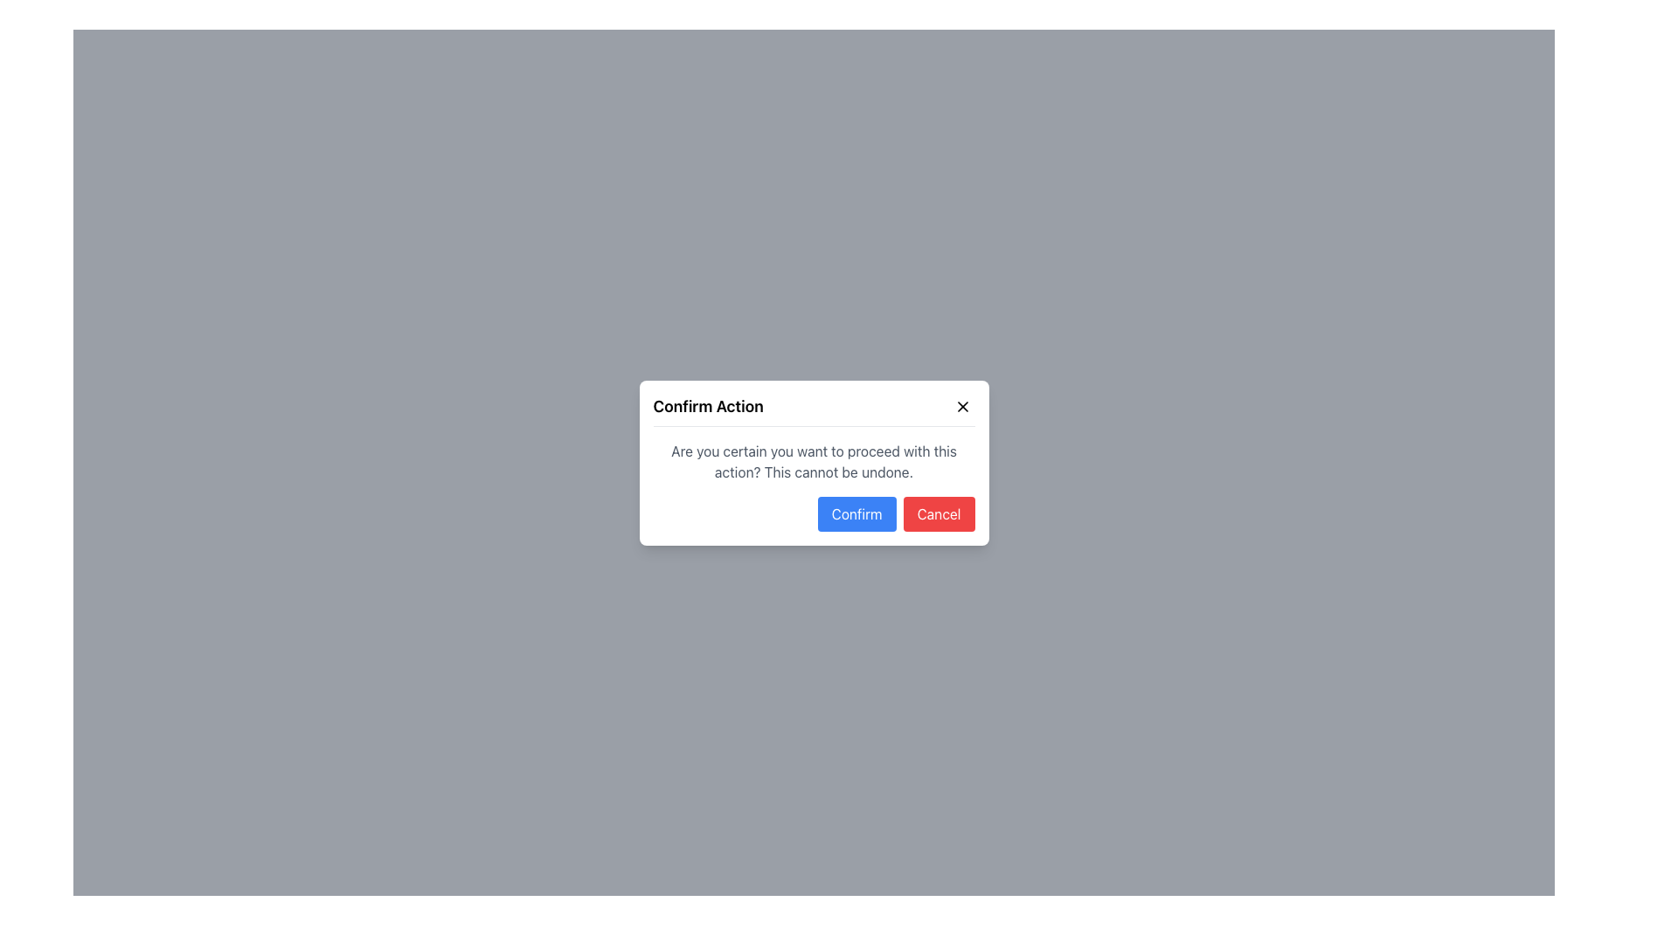 The height and width of the screenshot is (943, 1678). Describe the element at coordinates (961, 406) in the screenshot. I see `the close button located at the far right of the 'Confirm Action' dialog` at that location.